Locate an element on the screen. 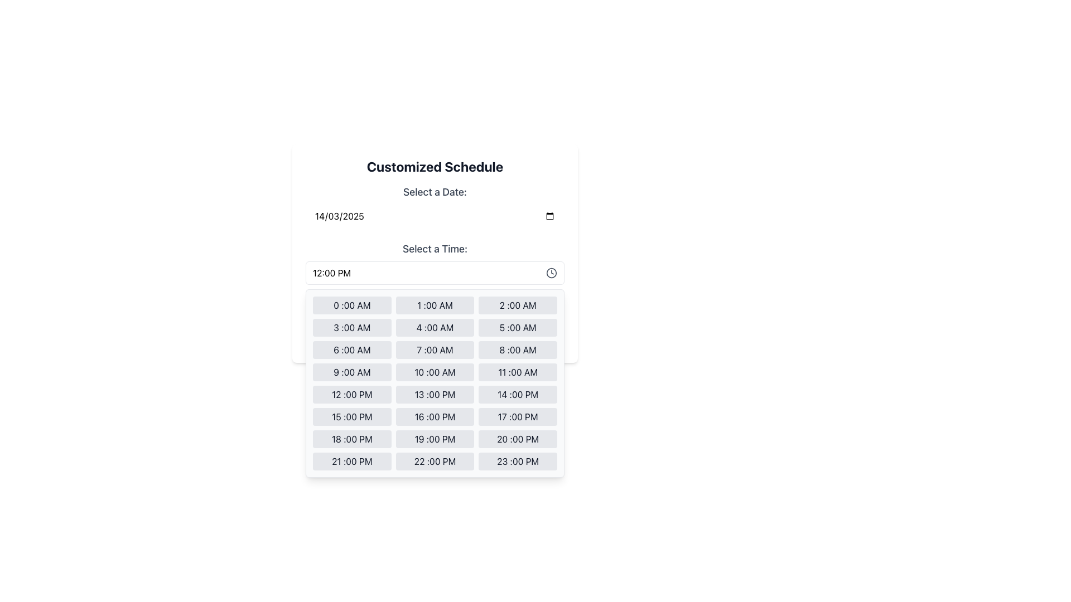 This screenshot has width=1071, height=602. the time selection tile displaying '21 :00 PM' is located at coordinates (351, 462).